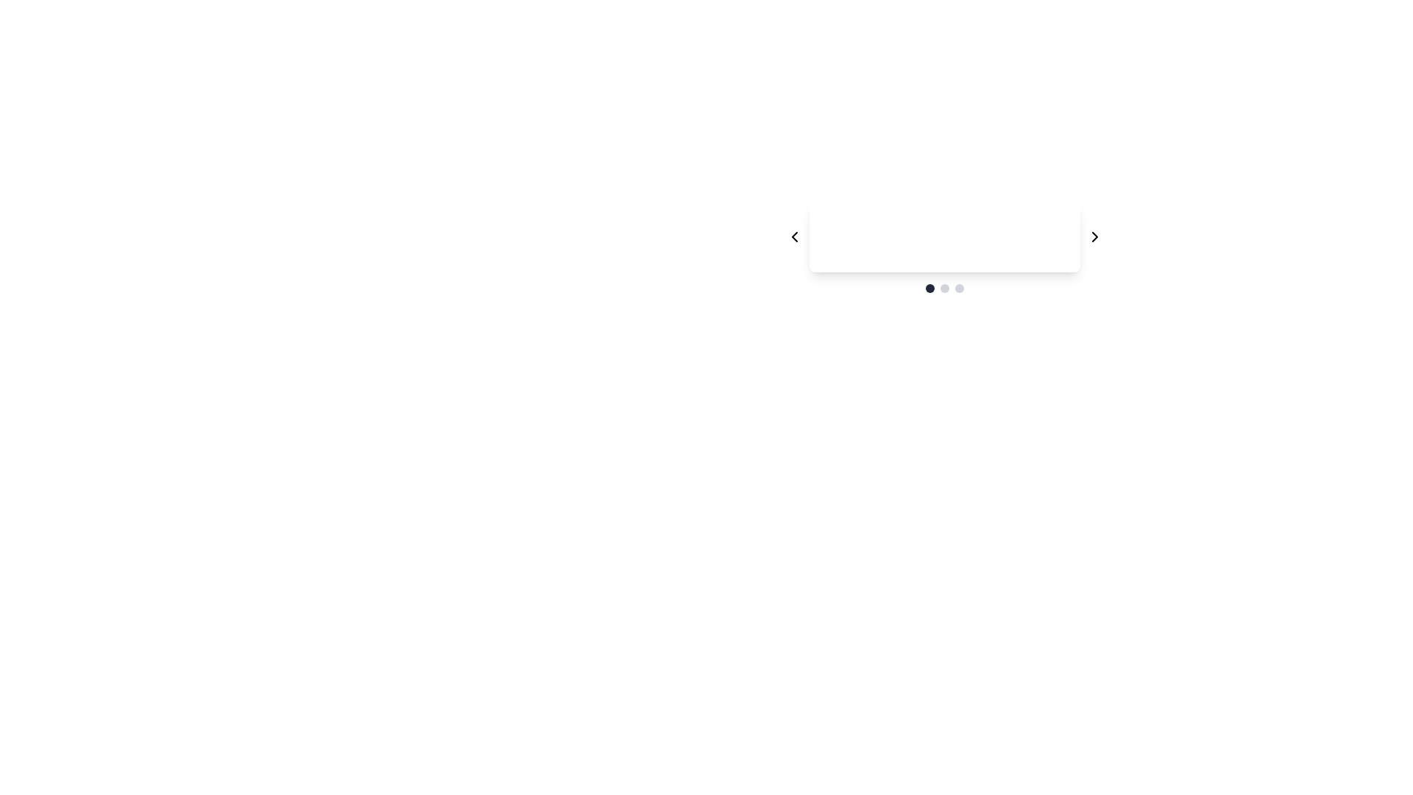  I want to click on the status indication by focusing on the third circular indicator with a light gray color, which is positioned at the rightmost end of a series of three indicators, so click(960, 289).